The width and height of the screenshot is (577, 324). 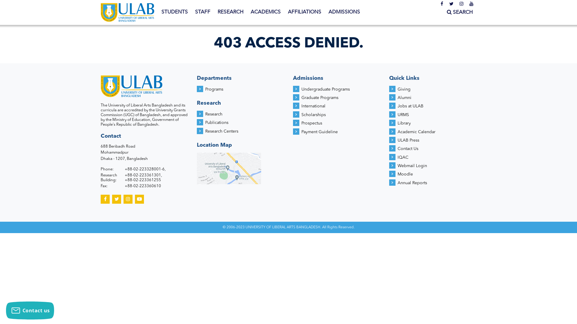 I want to click on 'Publications', so click(x=216, y=122).